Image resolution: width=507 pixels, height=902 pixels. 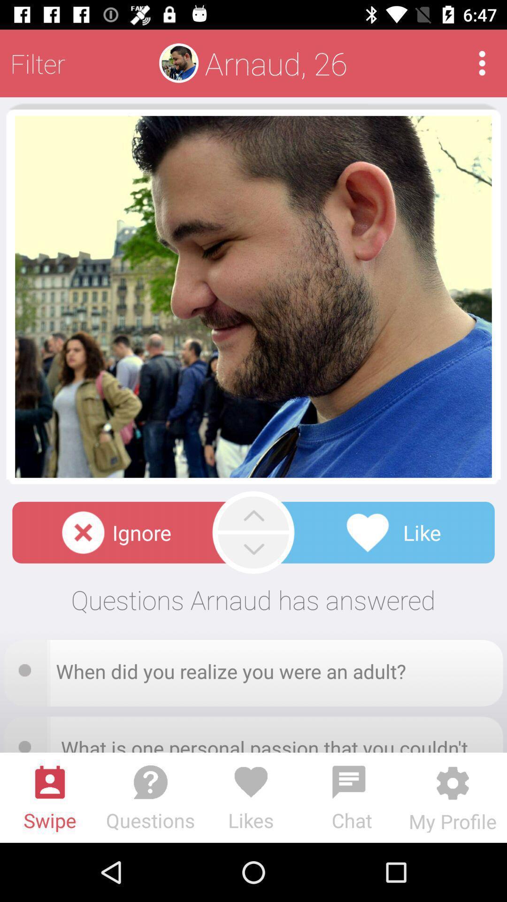 What do you see at coordinates (482, 62) in the screenshot?
I see `more options` at bounding box center [482, 62].